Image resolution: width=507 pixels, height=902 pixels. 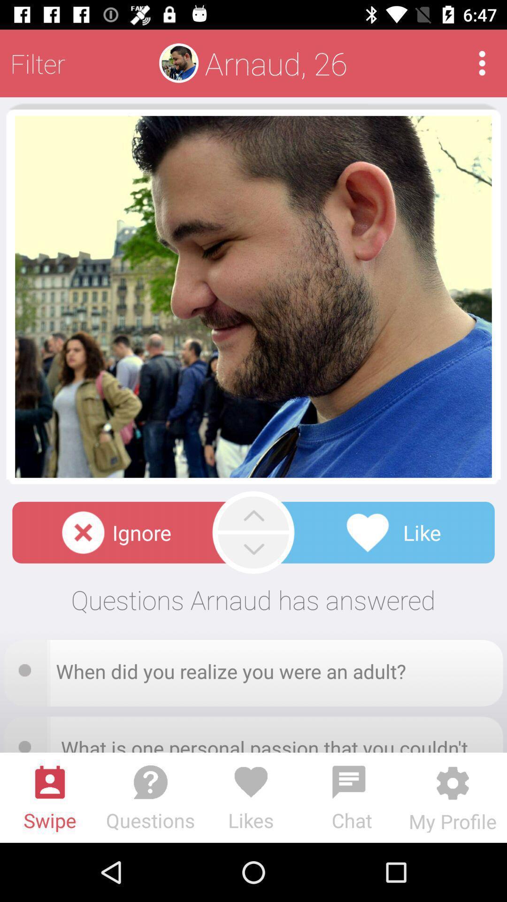 What do you see at coordinates (482, 62) in the screenshot?
I see `more options` at bounding box center [482, 62].